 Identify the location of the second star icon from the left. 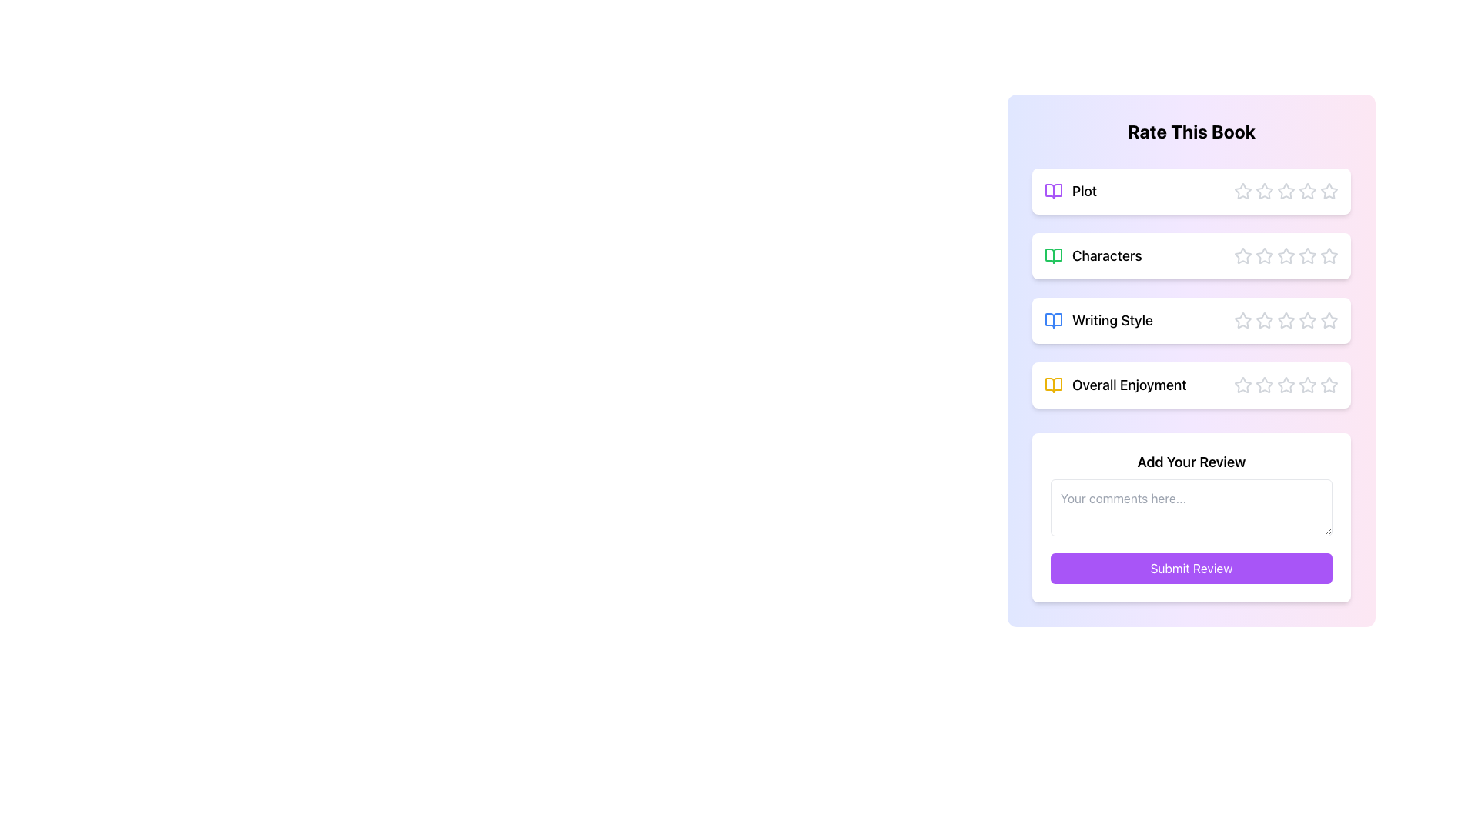
(1263, 254).